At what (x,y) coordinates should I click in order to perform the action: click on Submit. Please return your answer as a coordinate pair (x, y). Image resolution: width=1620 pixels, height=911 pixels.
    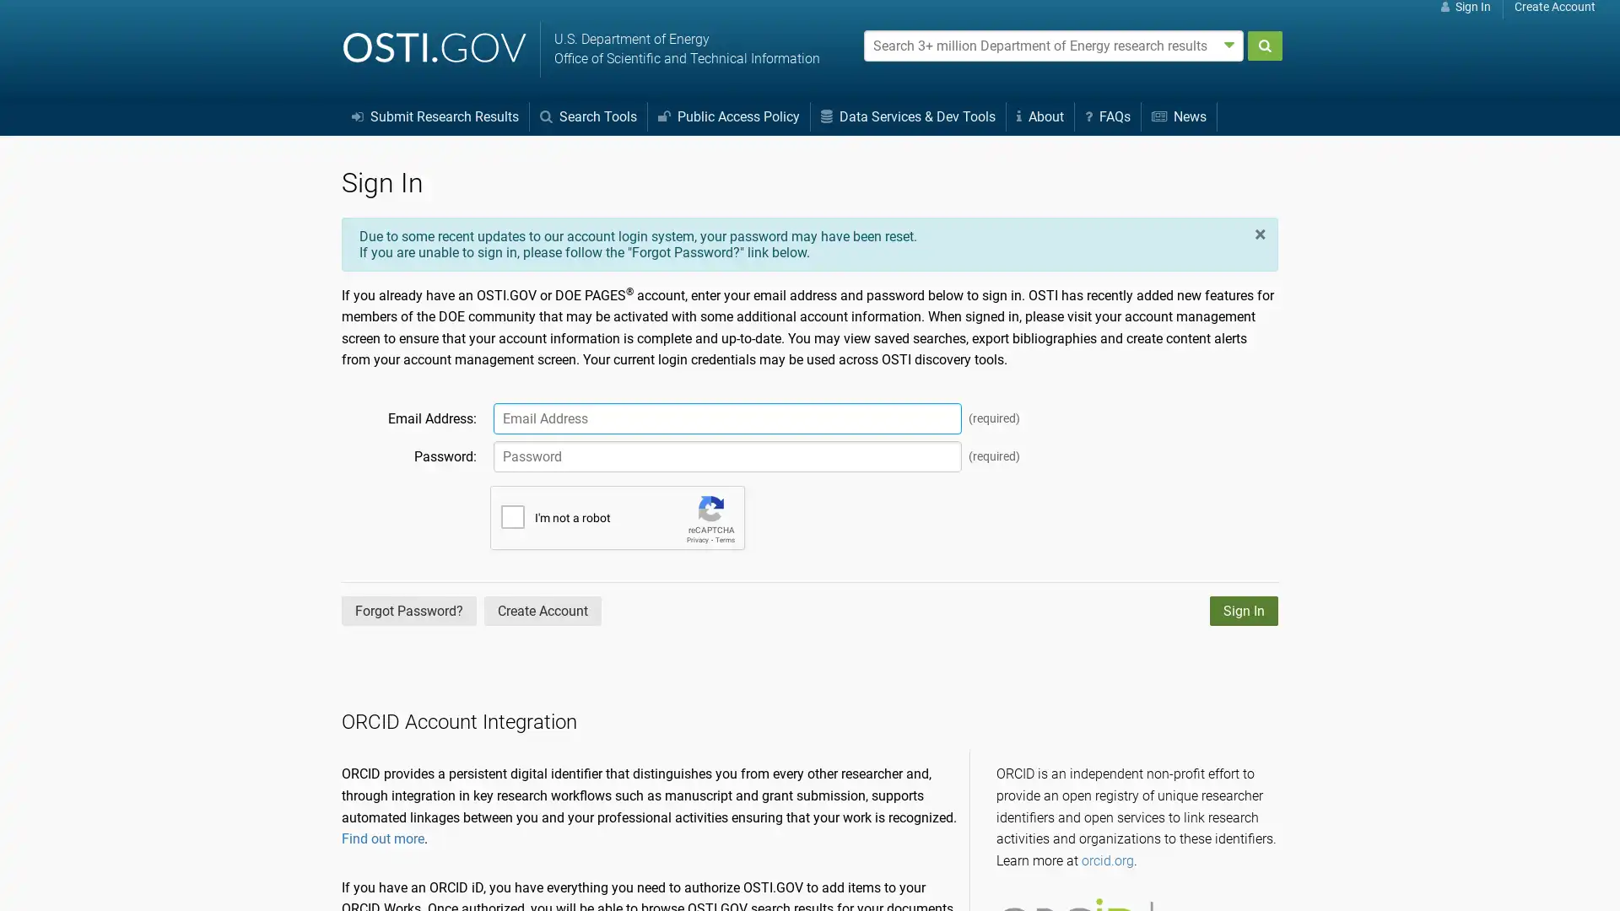
    Looking at the image, I should click on (1264, 45).